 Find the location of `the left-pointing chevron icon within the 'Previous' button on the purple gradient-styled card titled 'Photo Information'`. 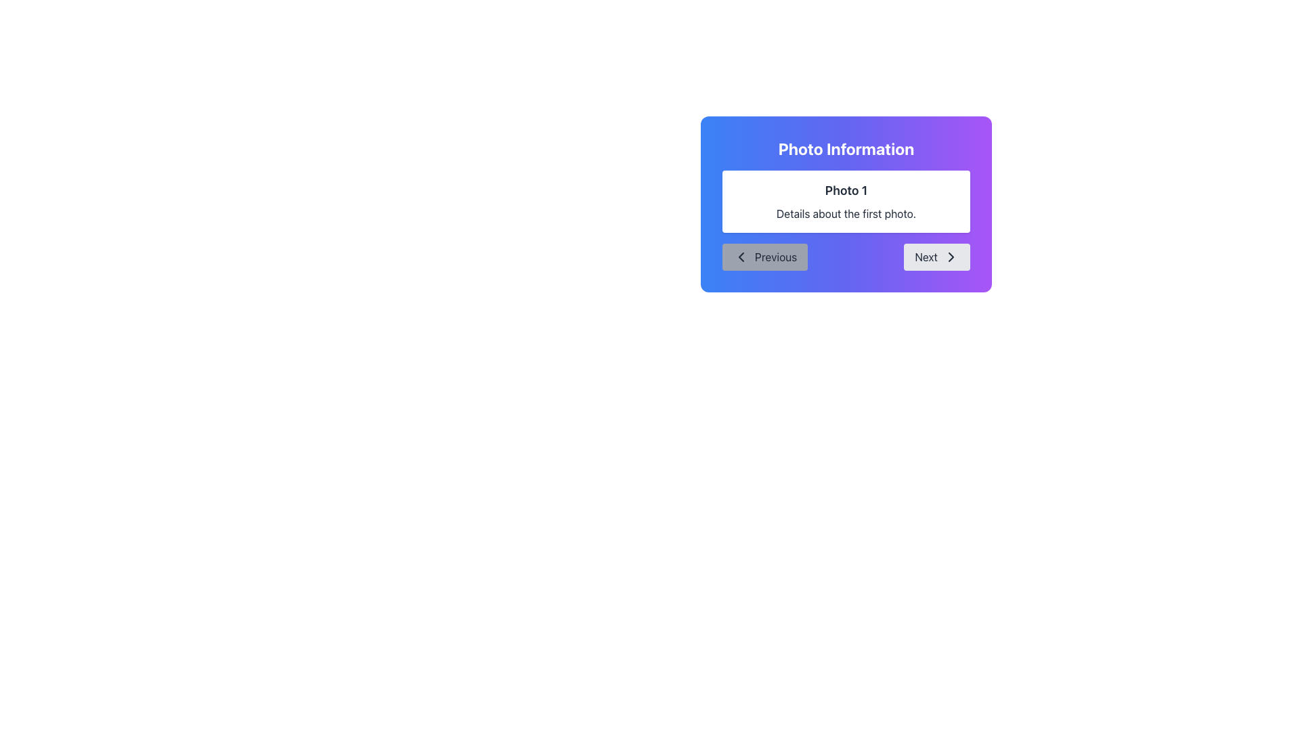

the left-pointing chevron icon within the 'Previous' button on the purple gradient-styled card titled 'Photo Information' is located at coordinates (740, 257).